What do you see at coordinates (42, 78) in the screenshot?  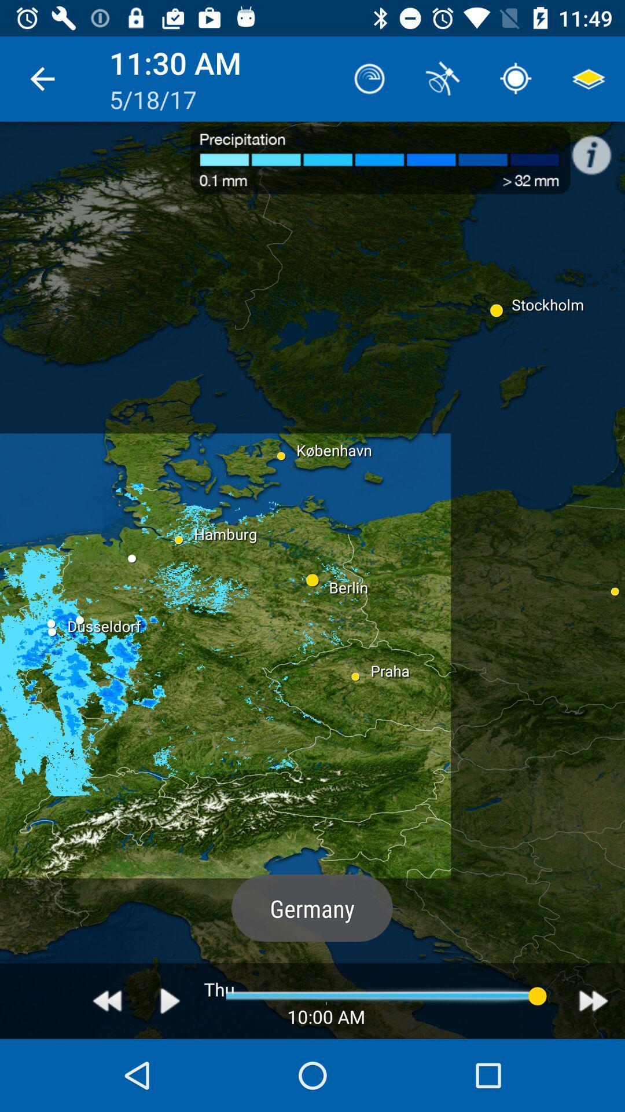 I see `icon next to the 11:30 am item` at bounding box center [42, 78].